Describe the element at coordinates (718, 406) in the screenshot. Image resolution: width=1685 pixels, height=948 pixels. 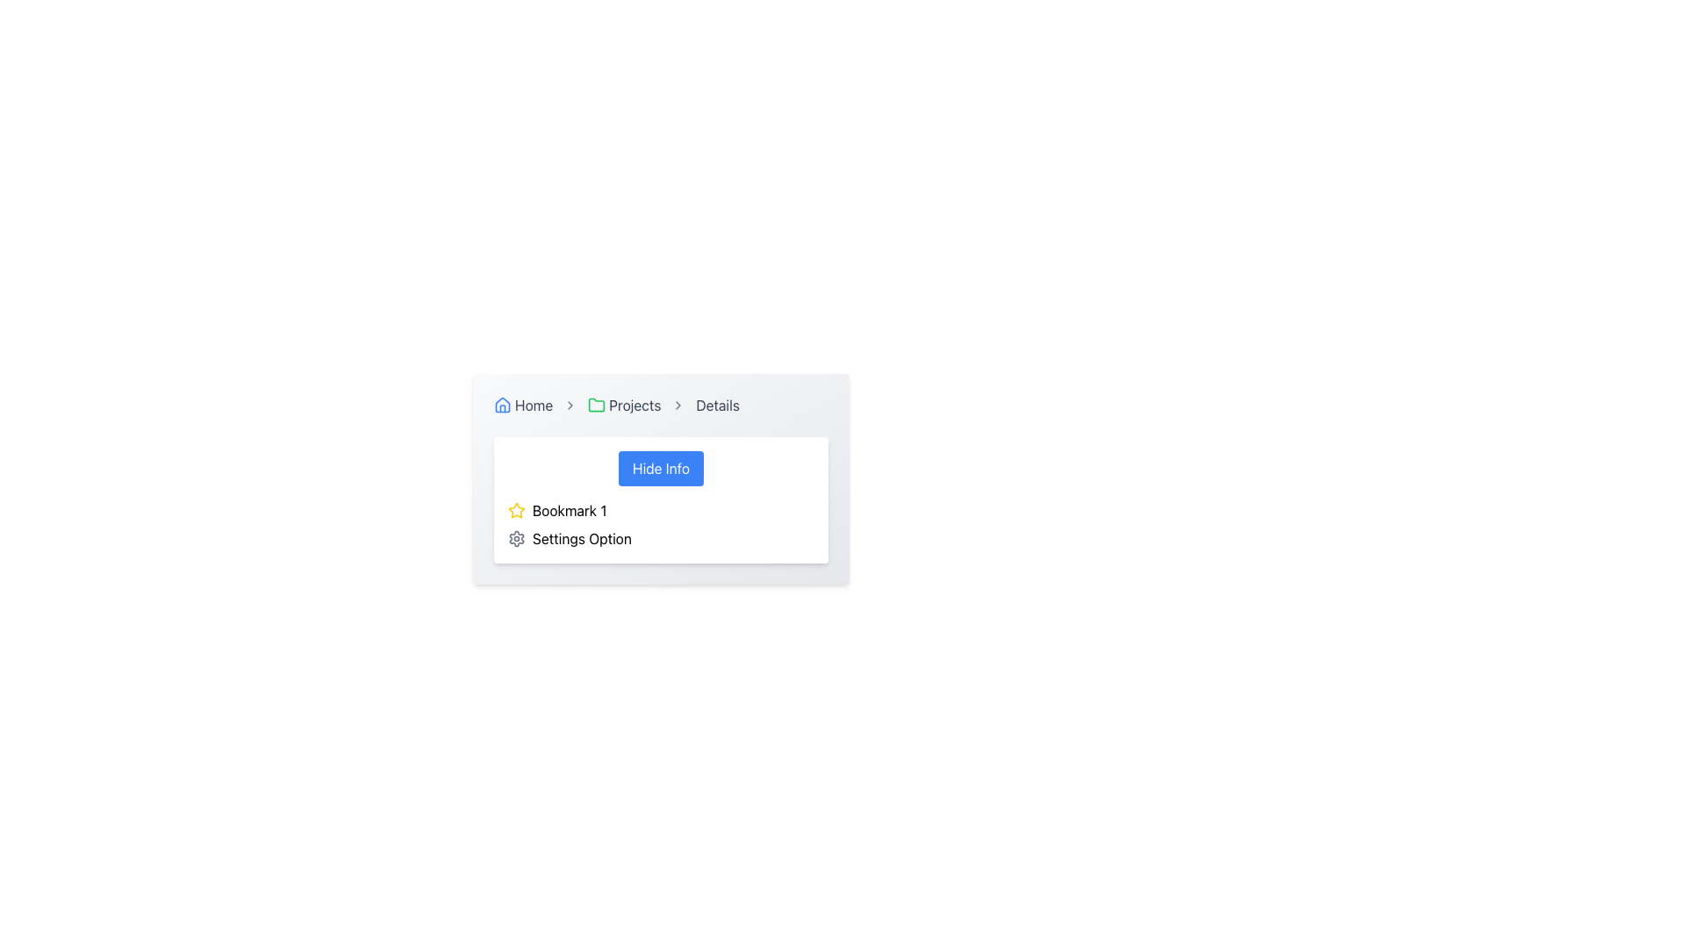
I see `the 'Details' text label in the breadcrumb navigation, which is styled in medium-sized gray font and is the last element in the sequence following 'Projects'` at that location.